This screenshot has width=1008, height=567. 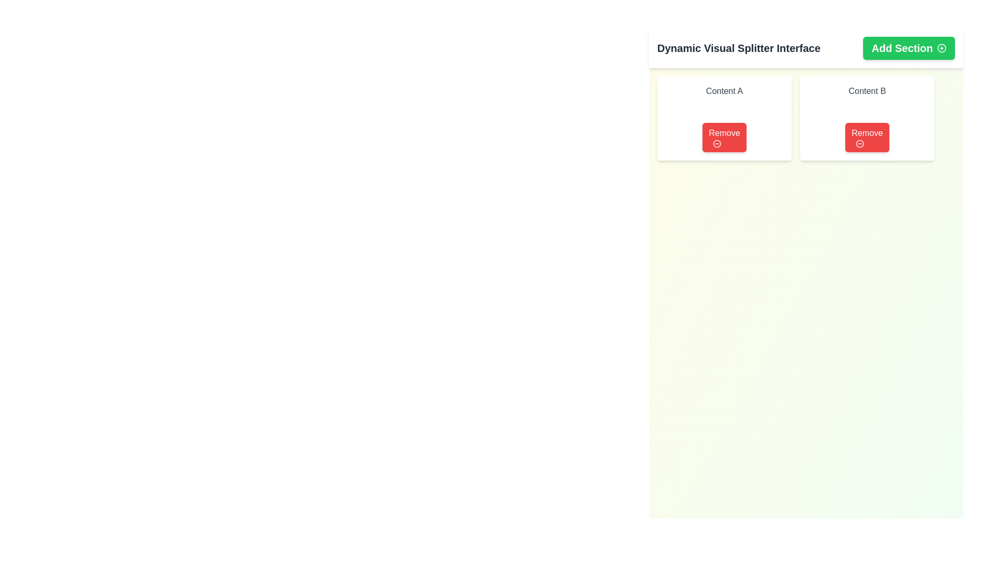 I want to click on the circular red outlined icon with a minus sign inside the 'Remove' button in the 'Content A' section, so click(x=717, y=143).